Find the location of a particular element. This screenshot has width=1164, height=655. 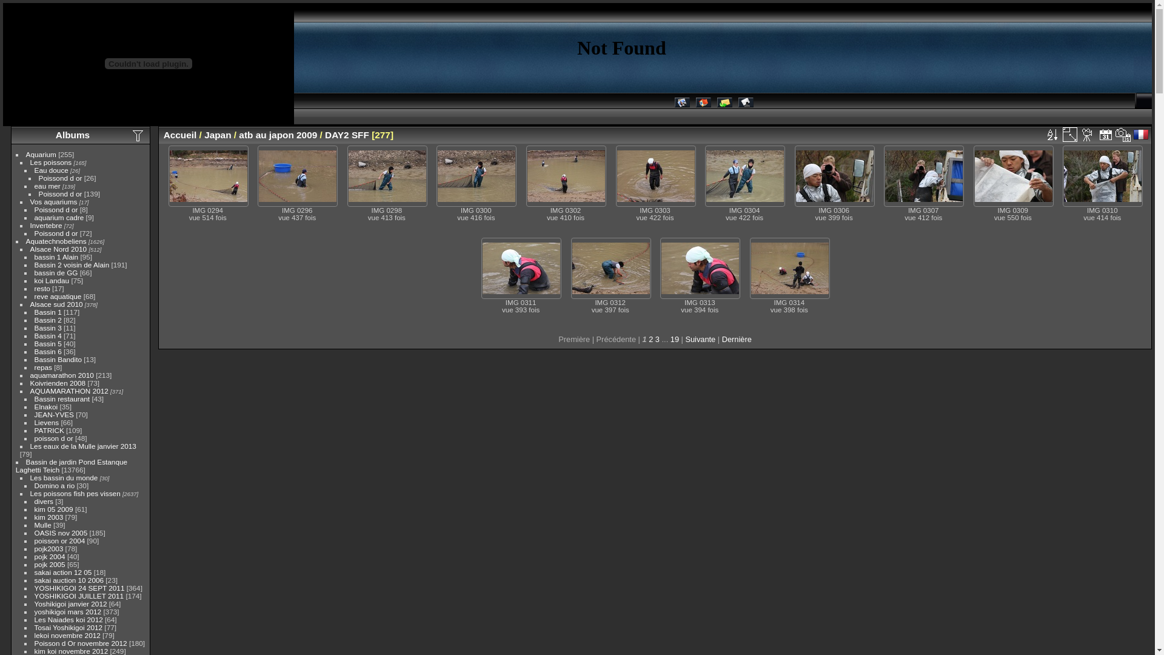

'DAY2 SFF' is located at coordinates (346, 135).